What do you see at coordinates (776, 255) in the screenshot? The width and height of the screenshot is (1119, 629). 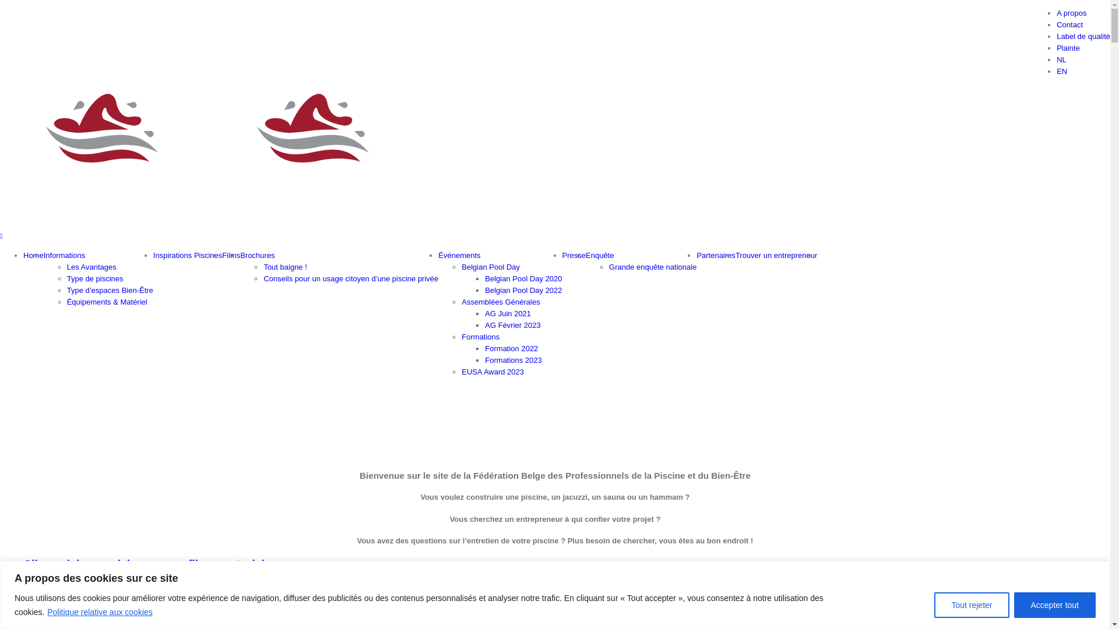 I see `'Trouver un entrepreneur'` at bounding box center [776, 255].